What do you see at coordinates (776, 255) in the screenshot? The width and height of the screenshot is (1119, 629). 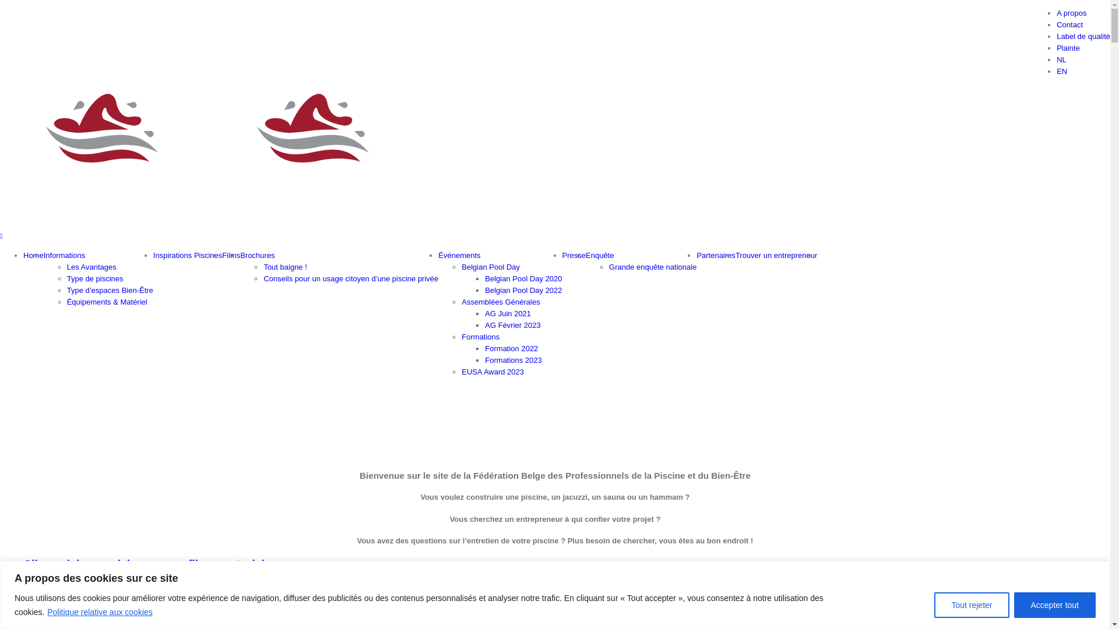 I see `'Trouver un entrepreneur'` at bounding box center [776, 255].